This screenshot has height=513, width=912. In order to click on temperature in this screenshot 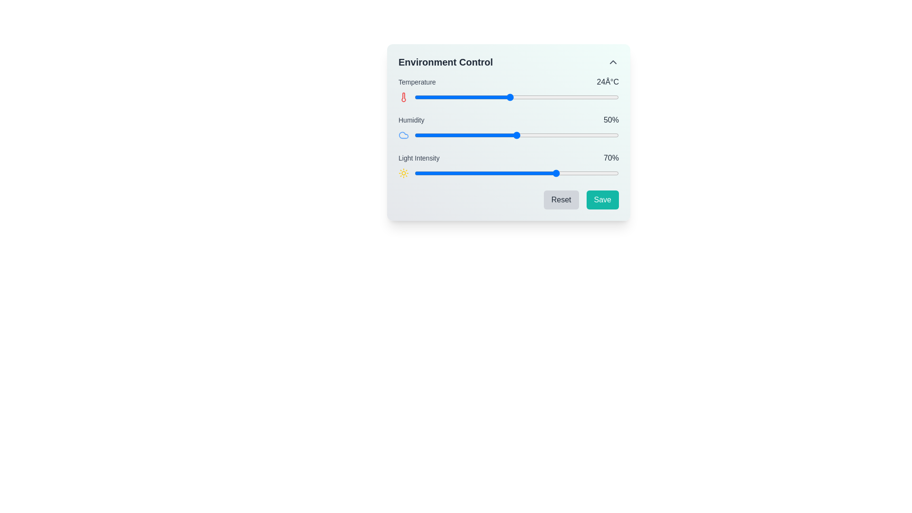, I will do `click(415, 97)`.